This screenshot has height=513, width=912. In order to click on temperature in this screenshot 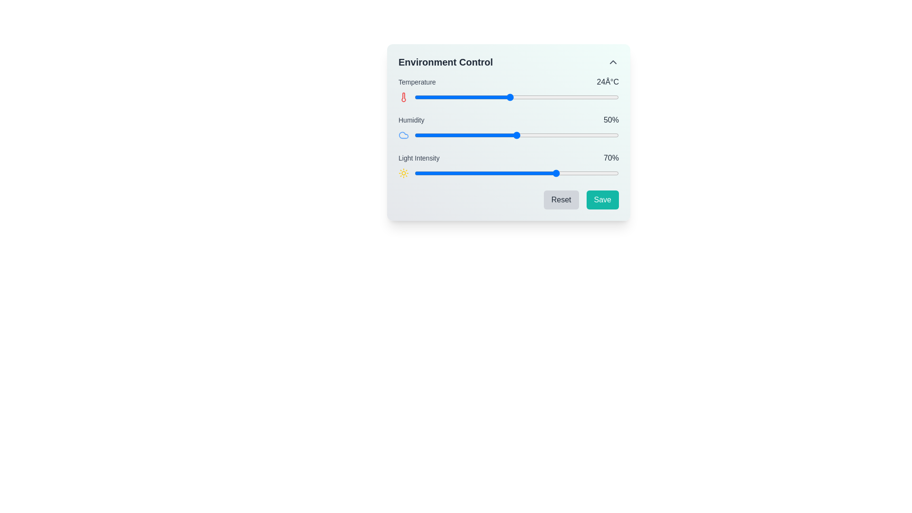, I will do `click(415, 97)`.